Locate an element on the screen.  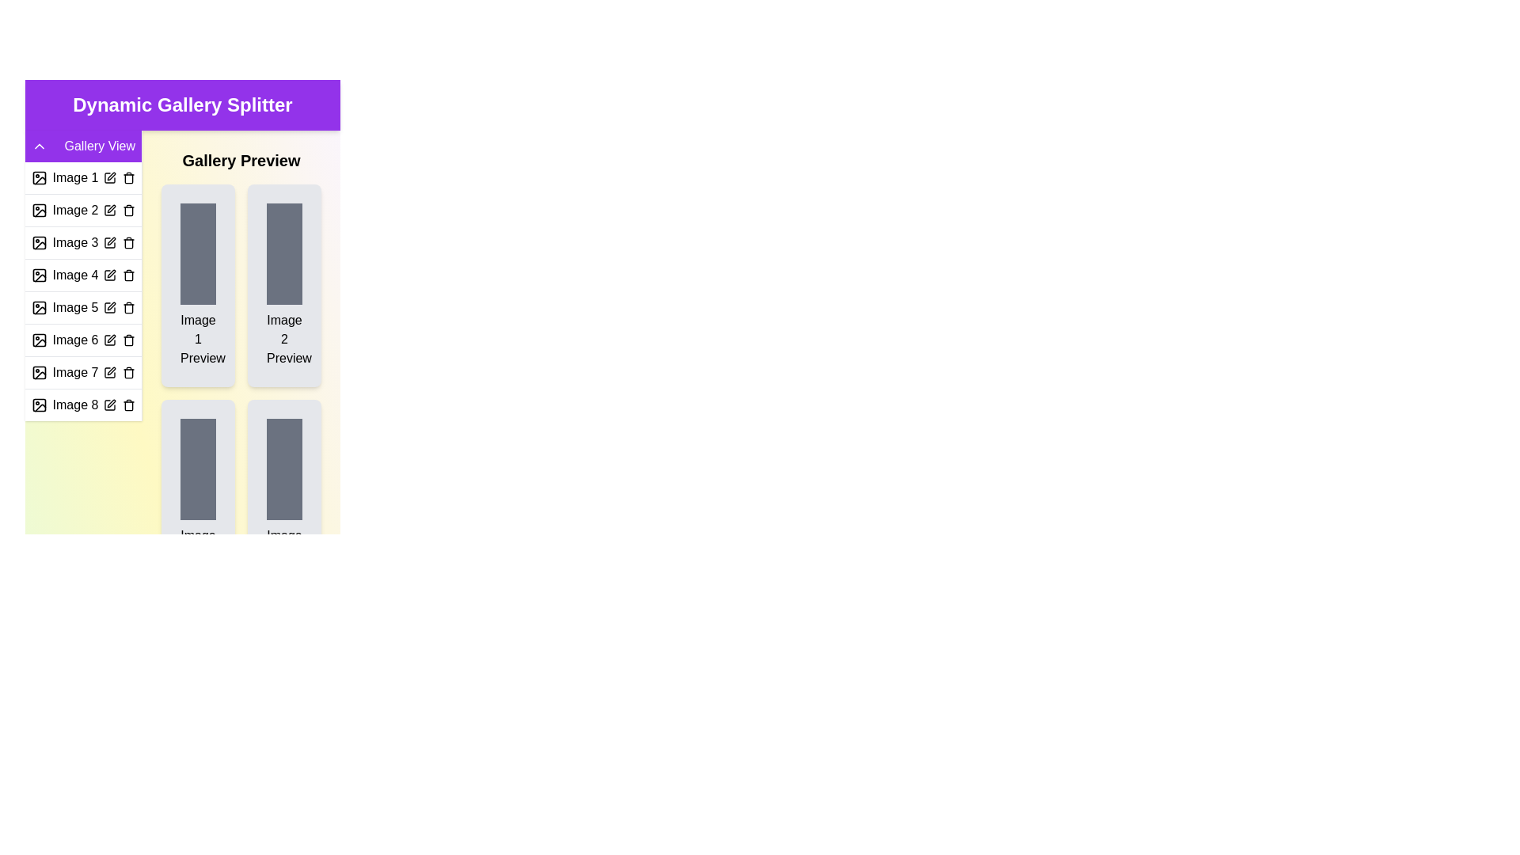
the trash can icon button located in the vertical list of image management icons under 'Gallery View' is located at coordinates (129, 274).